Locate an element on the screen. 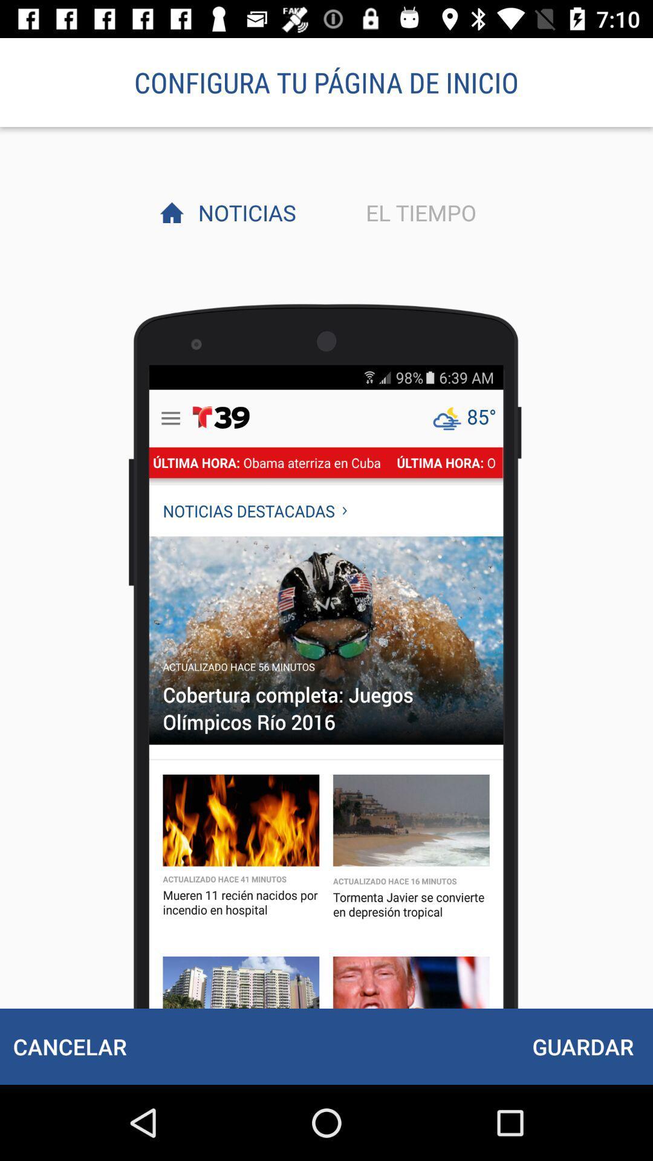  the cancelar icon is located at coordinates (70, 1046).